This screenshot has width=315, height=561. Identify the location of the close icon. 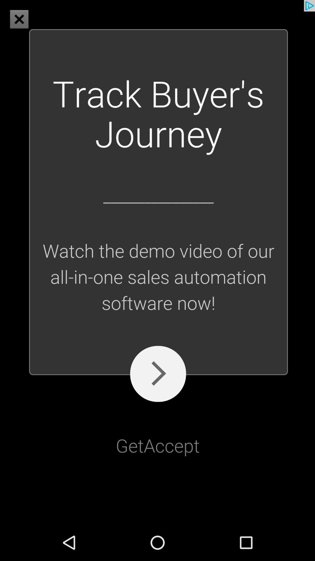
(19, 20).